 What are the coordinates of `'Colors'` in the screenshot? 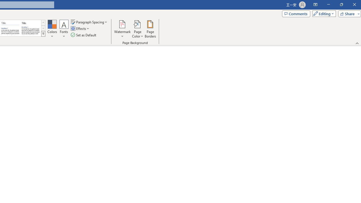 It's located at (52, 29).